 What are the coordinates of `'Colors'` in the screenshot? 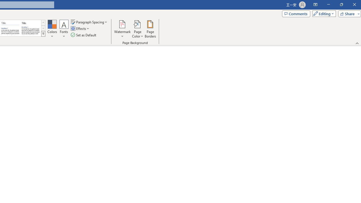 It's located at (52, 29).